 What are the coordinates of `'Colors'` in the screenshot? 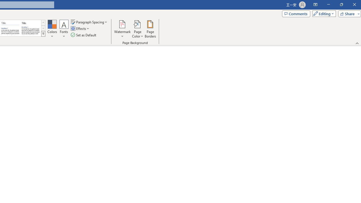 It's located at (52, 29).